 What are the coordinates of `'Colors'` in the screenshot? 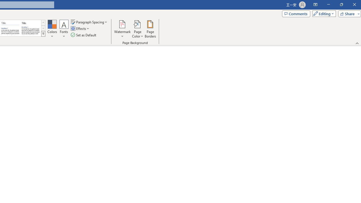 It's located at (52, 29).